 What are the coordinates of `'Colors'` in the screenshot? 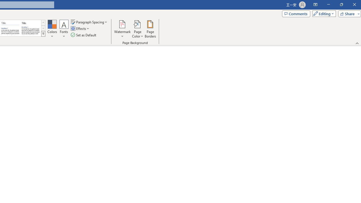 It's located at (52, 29).